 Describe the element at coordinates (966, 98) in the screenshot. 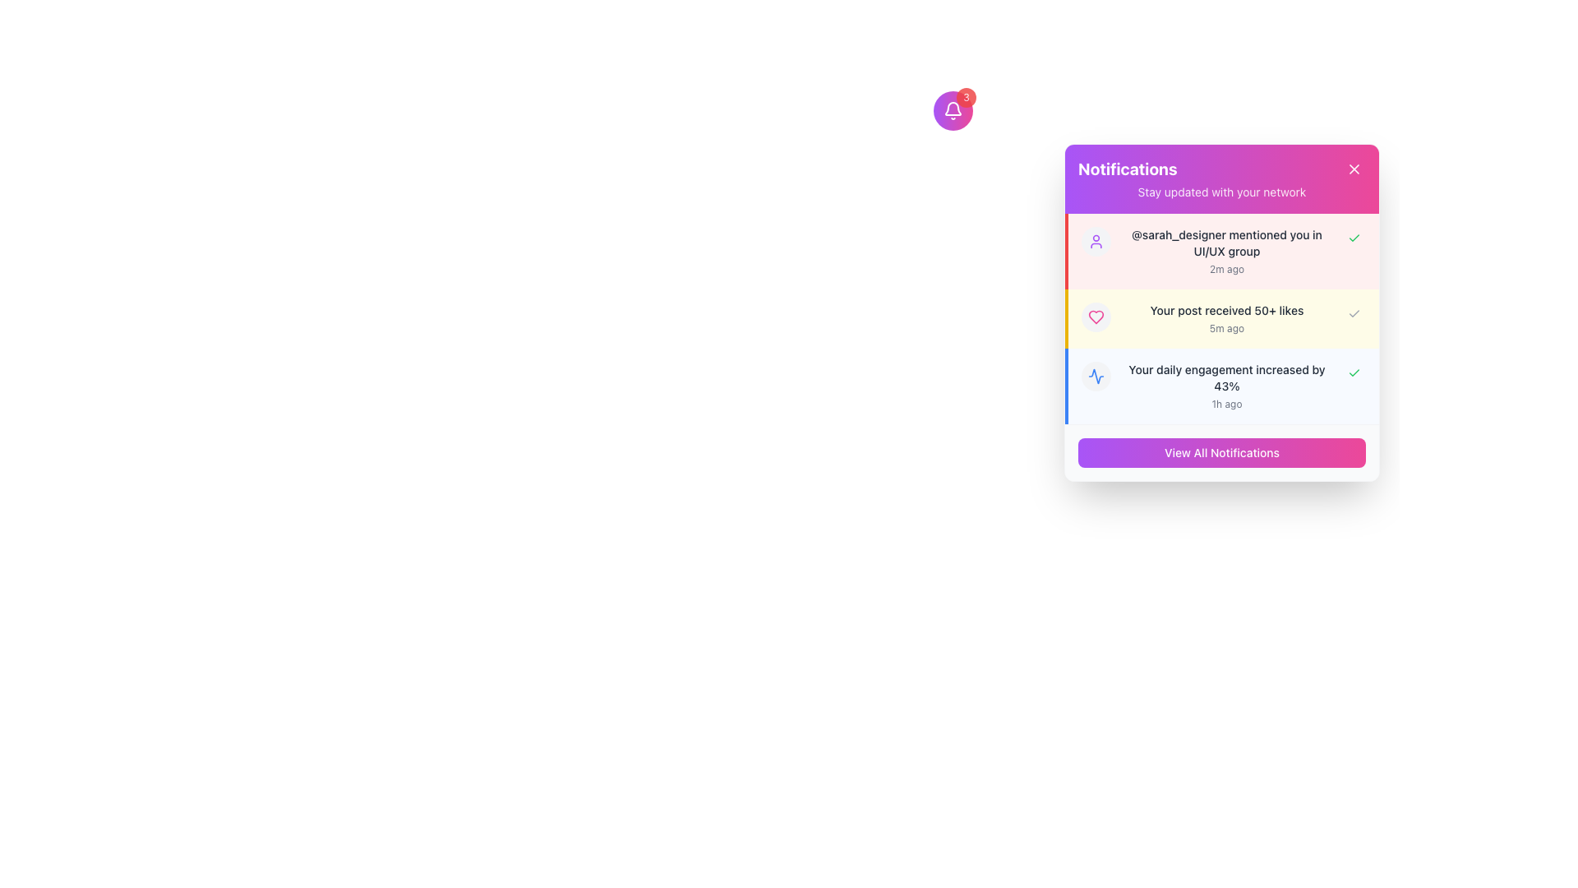

I see `the notification count displayed on the small circular badge with a vibrant red background and the number '3', which is positioned at the top-right corner of the purple circular button with a white bell icon` at that location.